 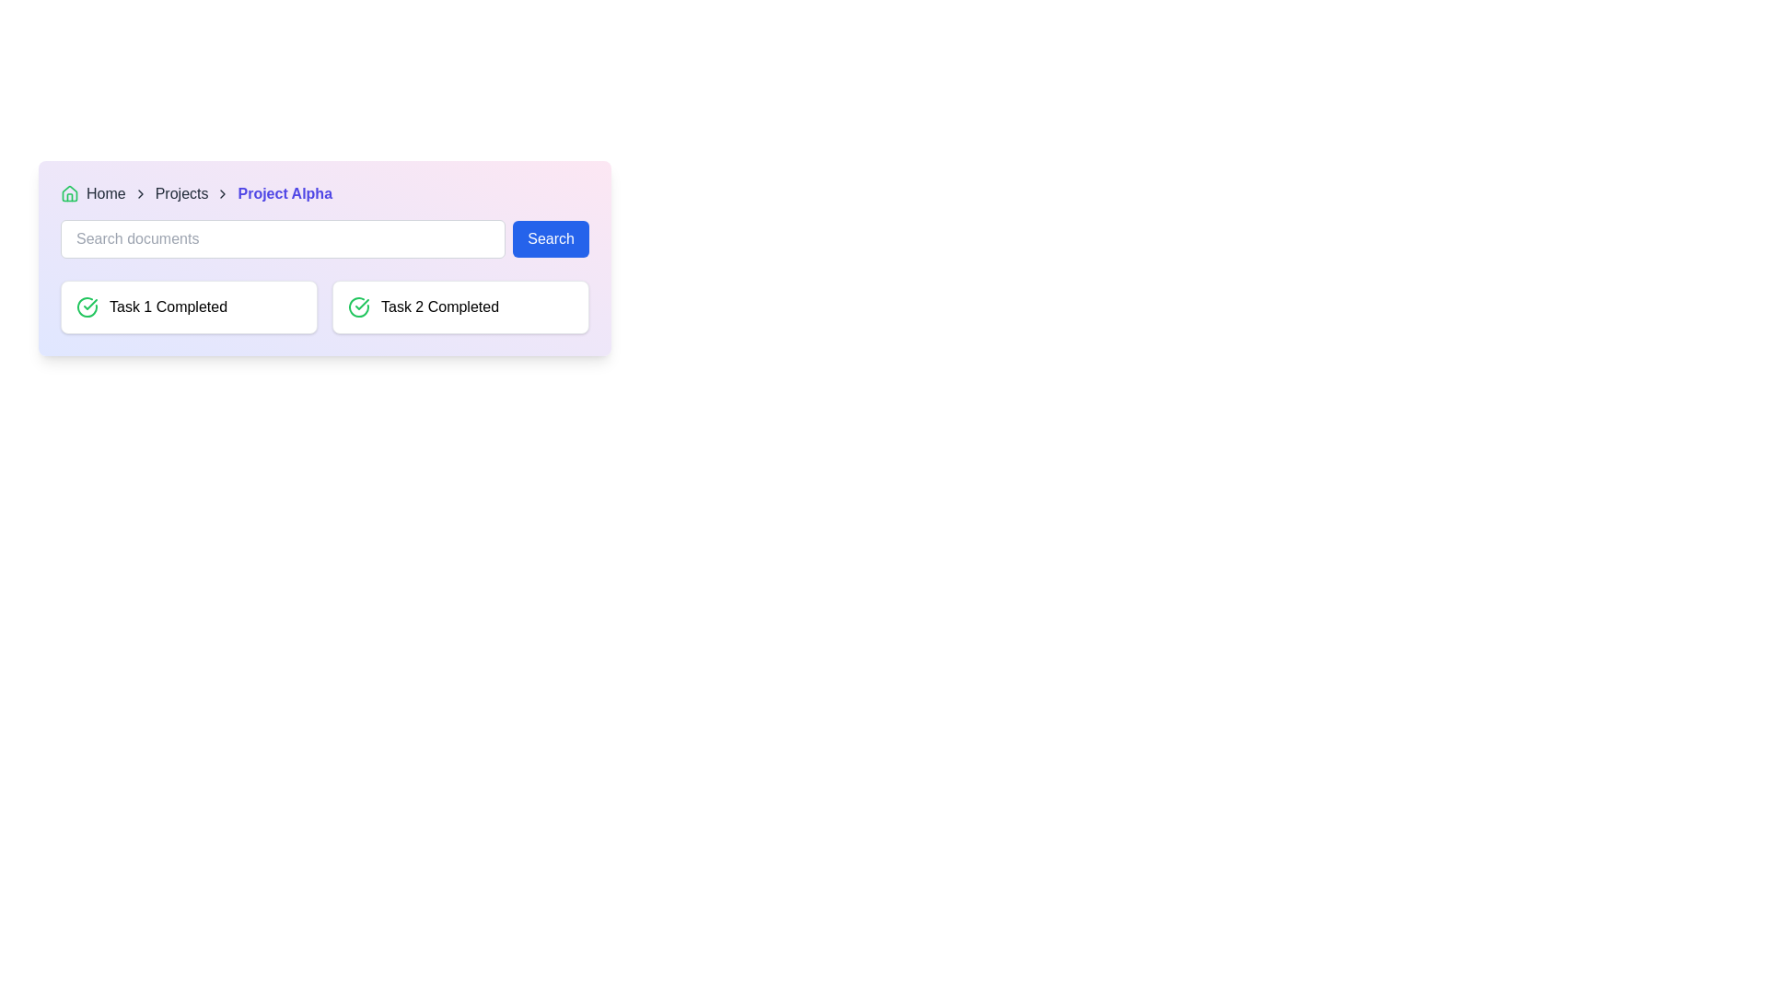 I want to click on the search input field located in the top-middle section of the interface to focus on it, so click(x=282, y=237).